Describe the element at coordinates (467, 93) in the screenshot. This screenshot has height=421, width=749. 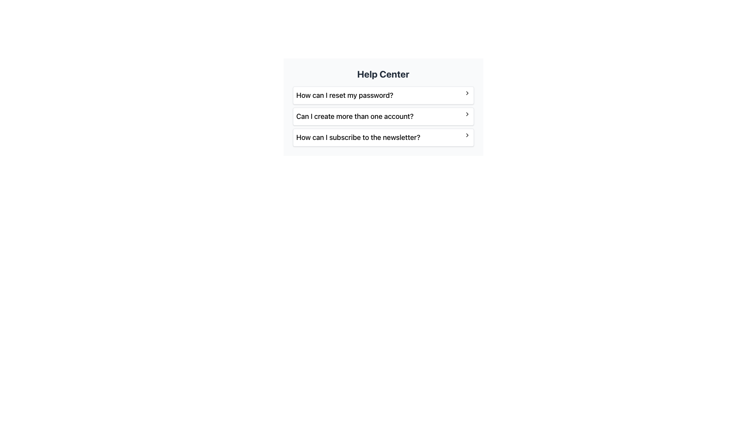
I see `the chevron icon resembling a downward-pointing arrow next to the text 'How can I reset my password?'` at that location.